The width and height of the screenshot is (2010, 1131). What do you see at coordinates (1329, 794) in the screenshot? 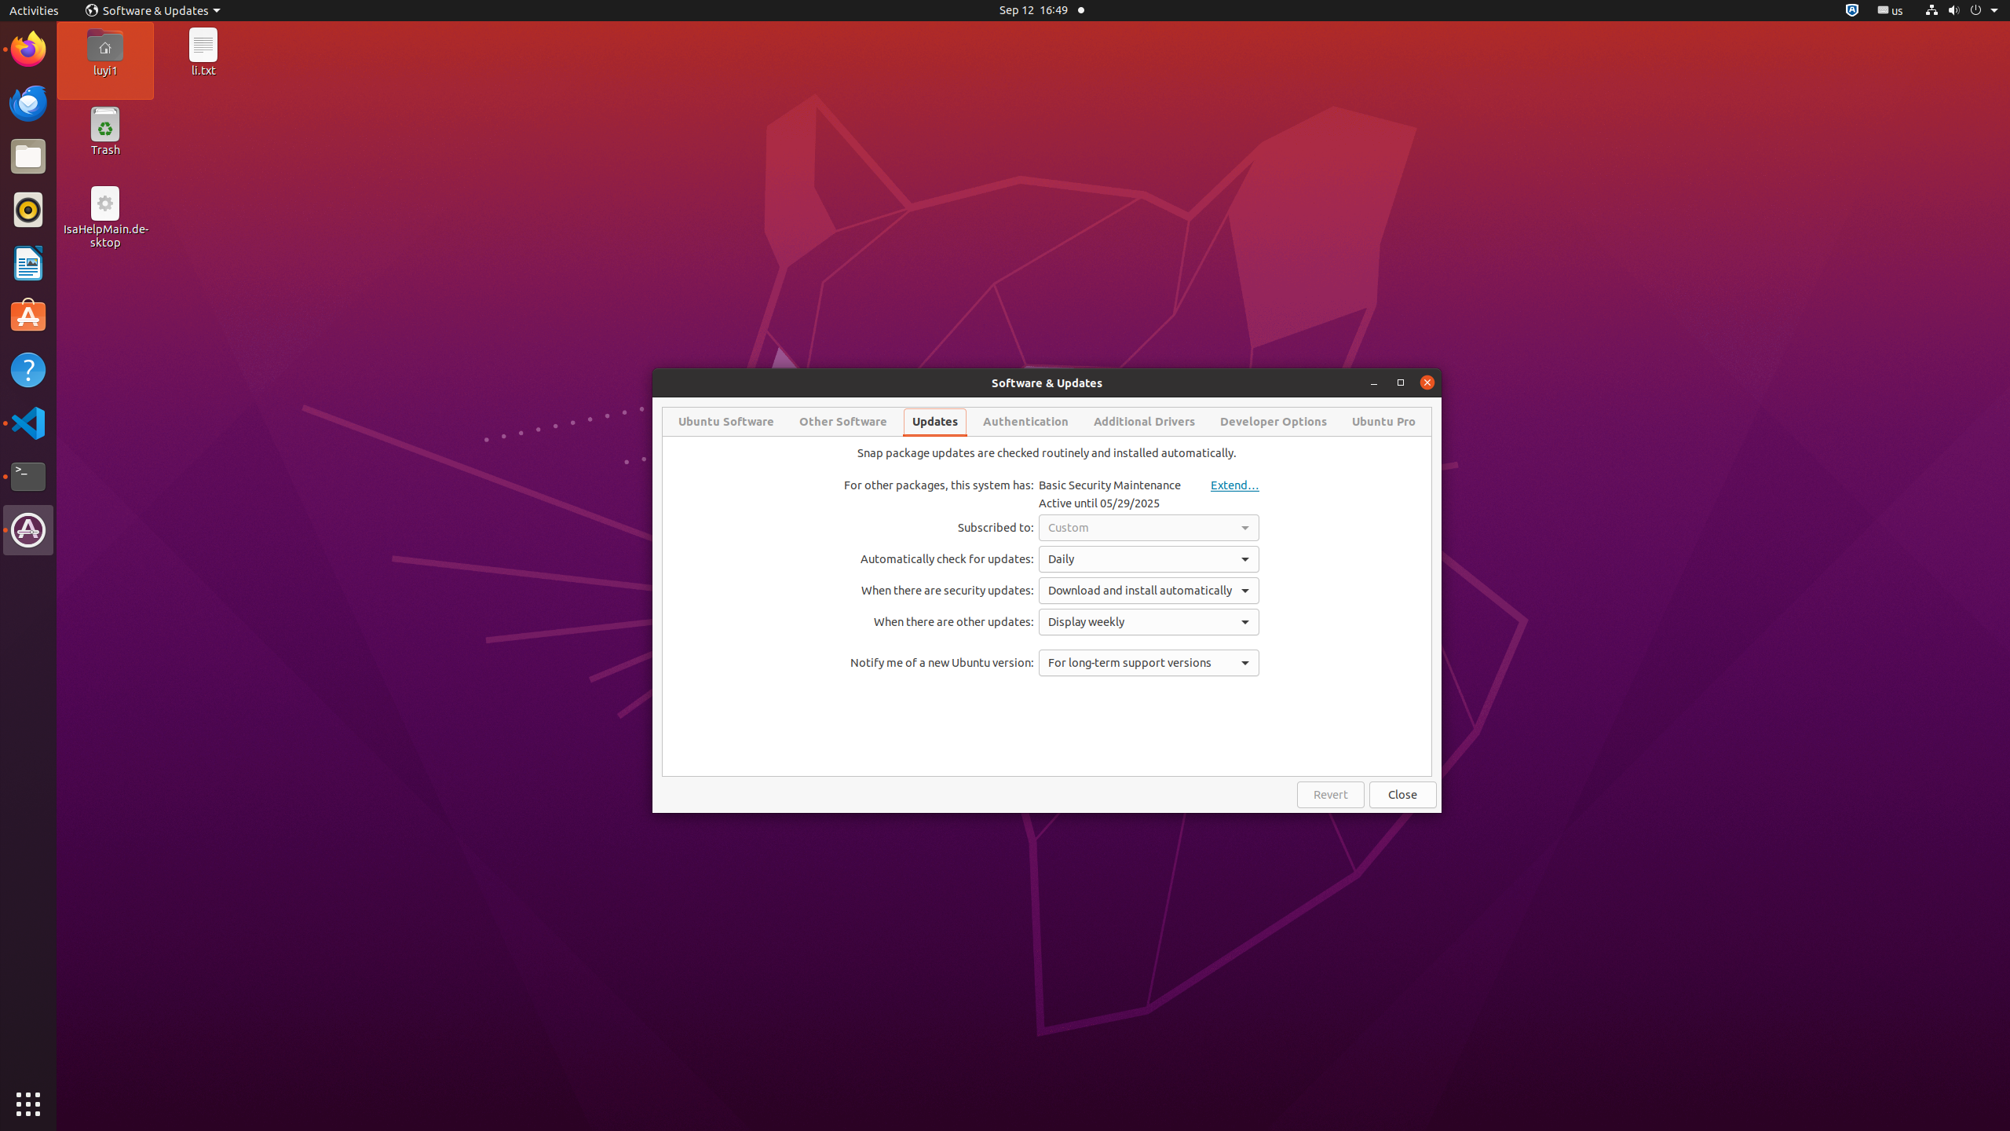
I see `'Revert'` at bounding box center [1329, 794].